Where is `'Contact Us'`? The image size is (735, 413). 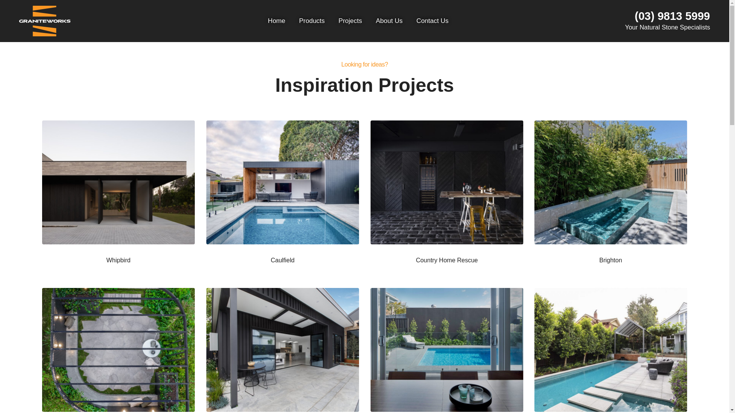 'Contact Us' is located at coordinates (432, 20).